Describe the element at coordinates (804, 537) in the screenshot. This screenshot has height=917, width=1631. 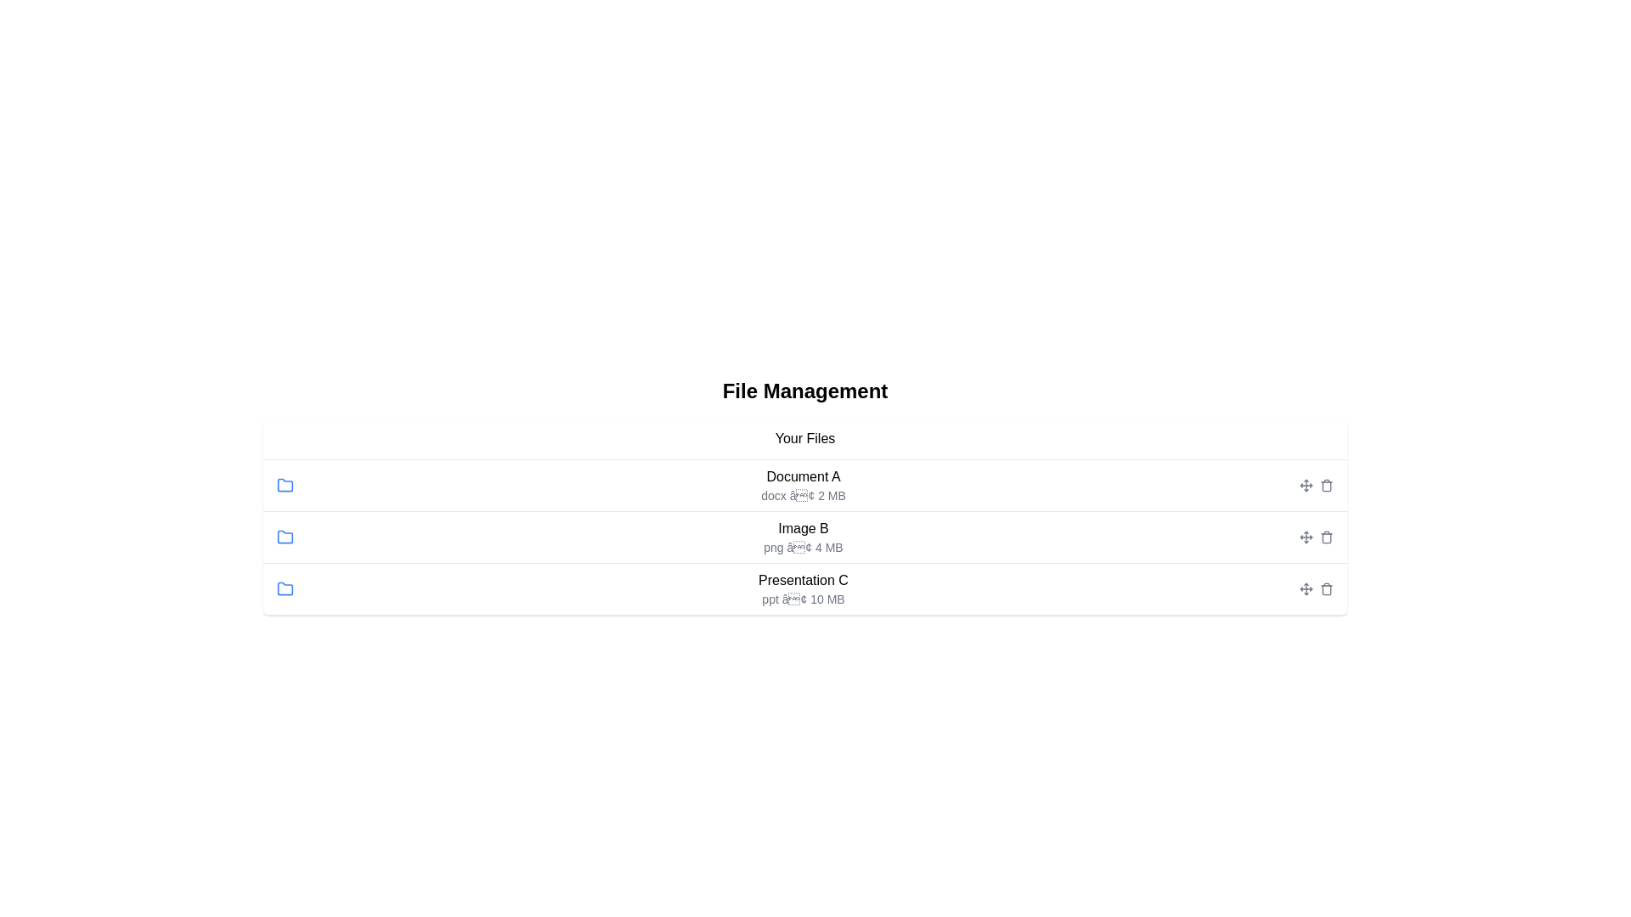
I see `the second file entry in the 'Your Files' section, which is located between 'Document A' and 'Presentation C'` at that location.